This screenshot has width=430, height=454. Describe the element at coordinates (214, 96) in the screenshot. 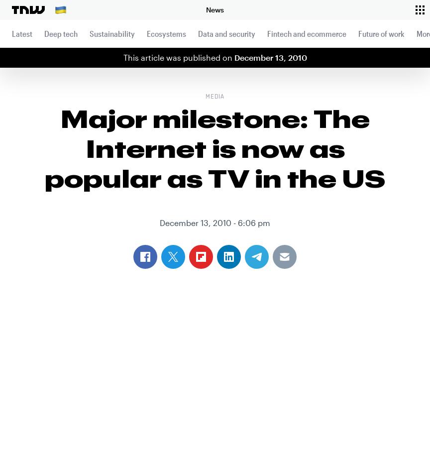

I see `'Media'` at that location.